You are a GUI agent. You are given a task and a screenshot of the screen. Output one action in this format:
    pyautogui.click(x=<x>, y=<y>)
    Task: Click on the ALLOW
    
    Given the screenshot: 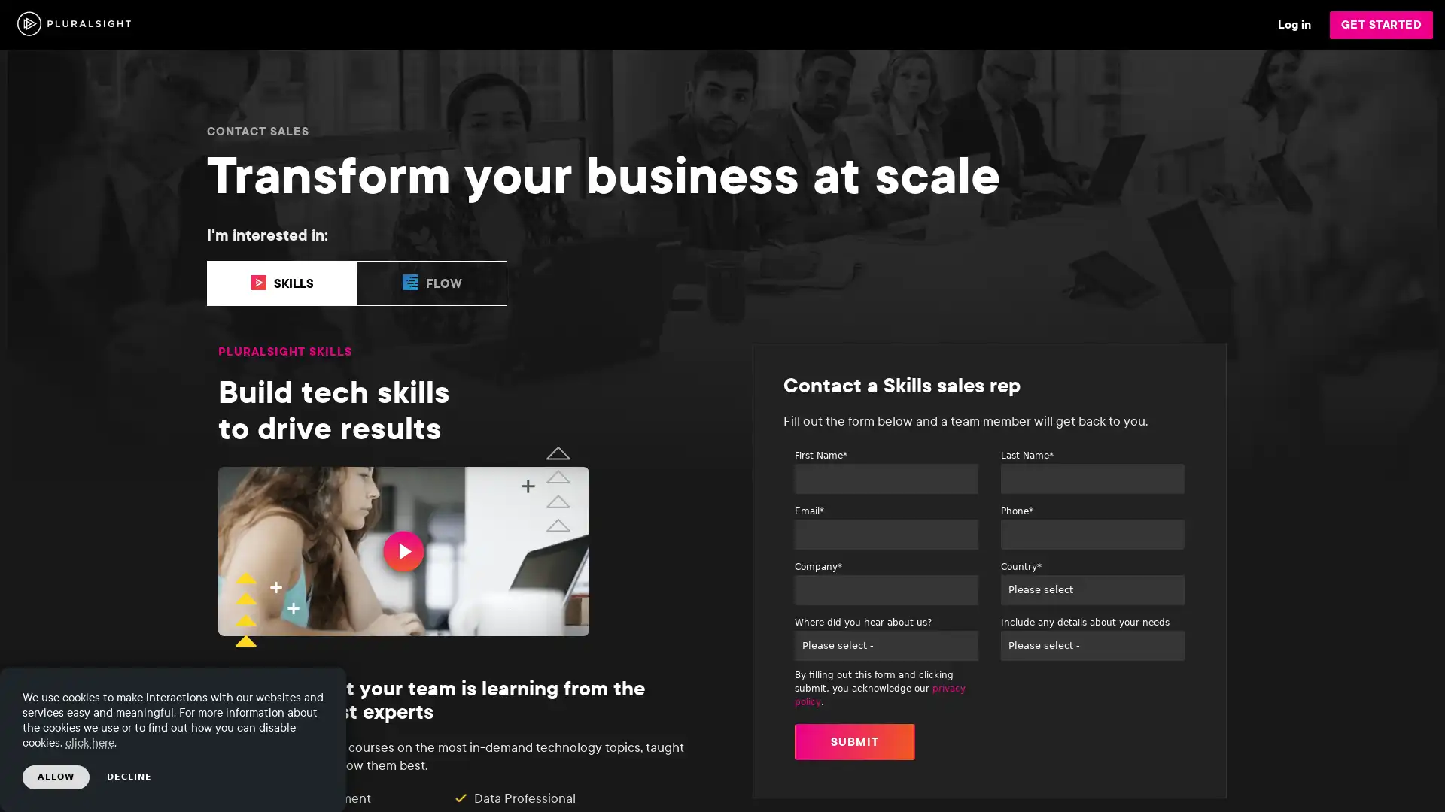 What is the action you would take?
    pyautogui.click(x=56, y=777)
    